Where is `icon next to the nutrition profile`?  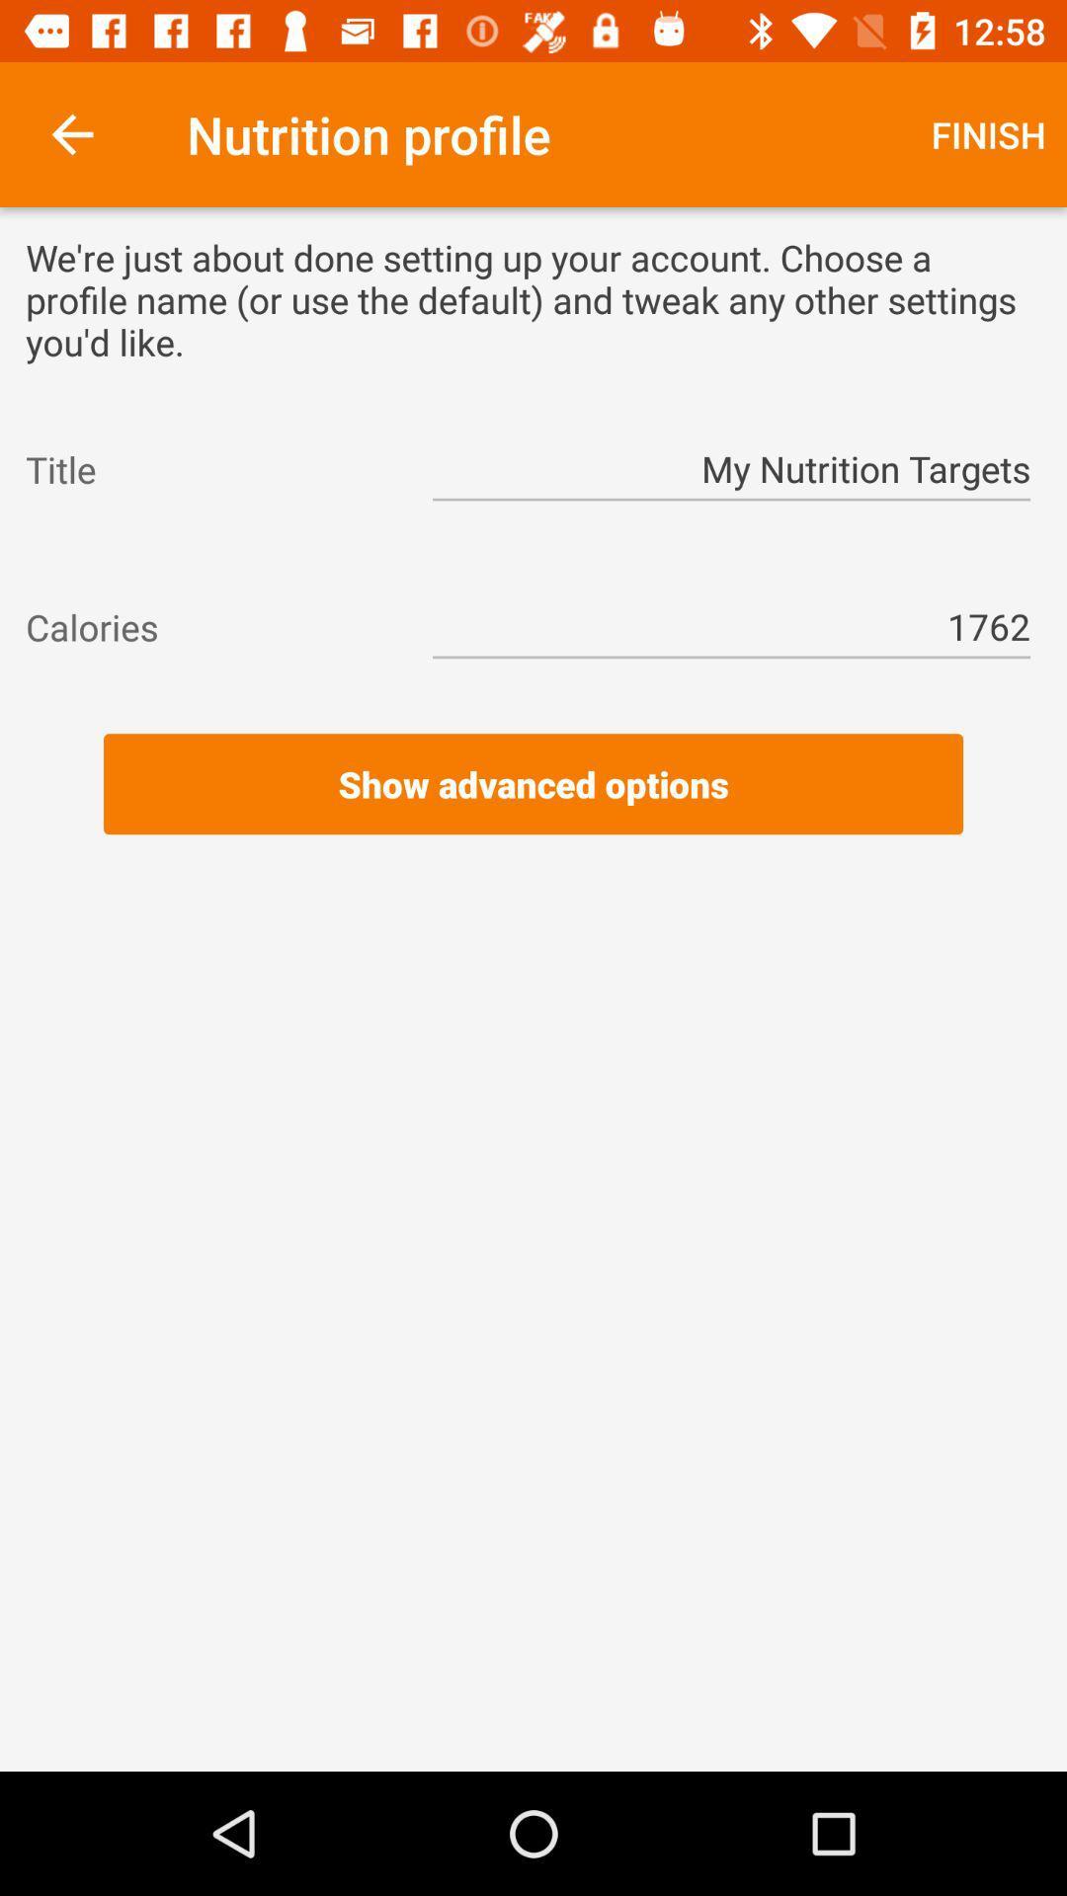 icon next to the nutrition profile is located at coordinates (71, 133).